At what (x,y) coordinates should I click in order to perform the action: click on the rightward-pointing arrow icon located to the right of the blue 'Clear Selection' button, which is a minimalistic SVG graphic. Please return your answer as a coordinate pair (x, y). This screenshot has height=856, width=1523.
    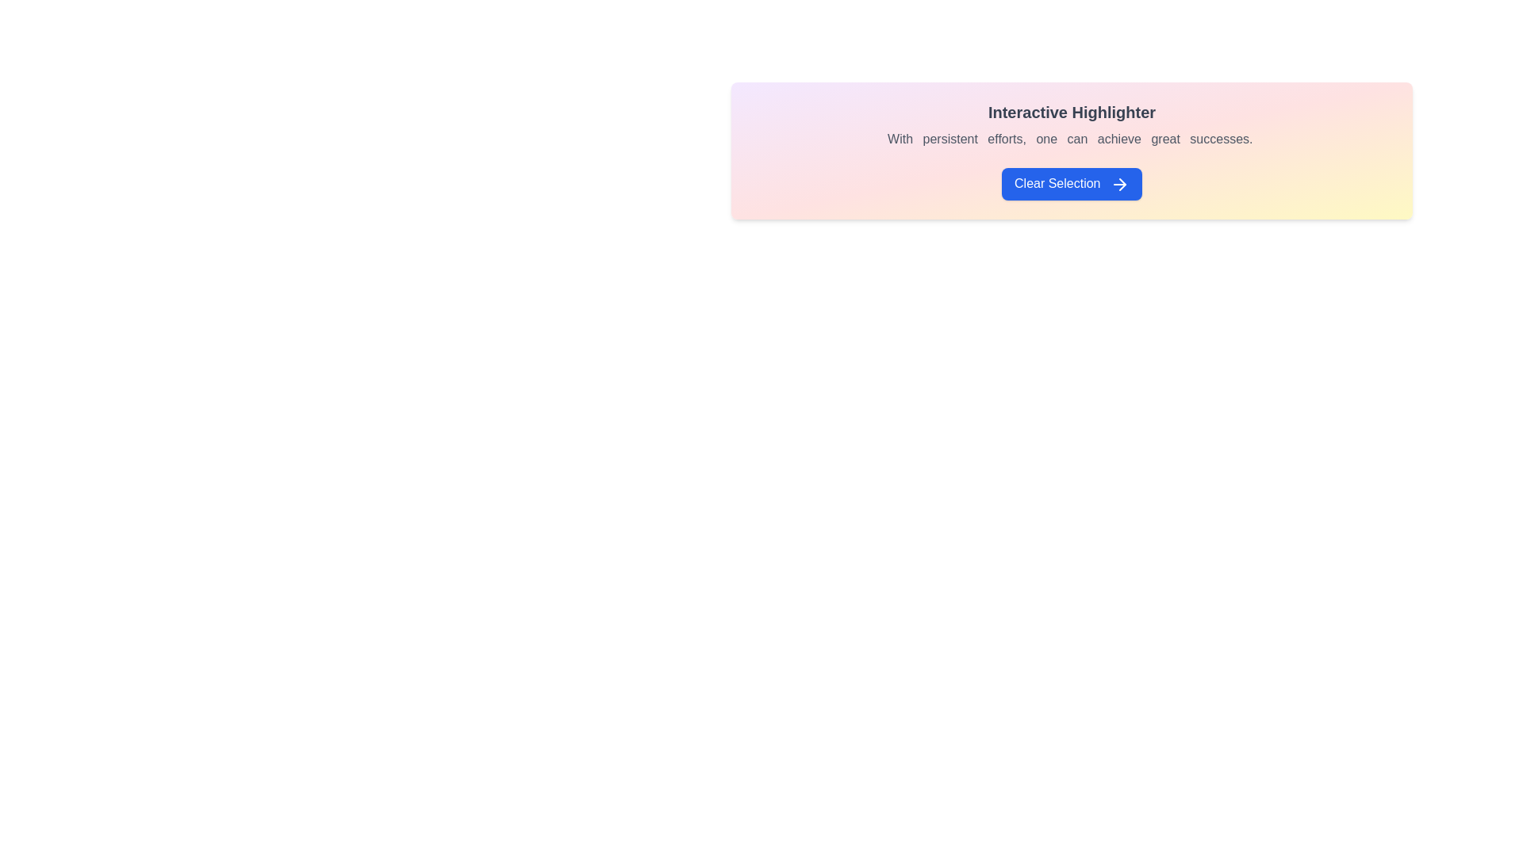
    Looking at the image, I should click on (1122, 183).